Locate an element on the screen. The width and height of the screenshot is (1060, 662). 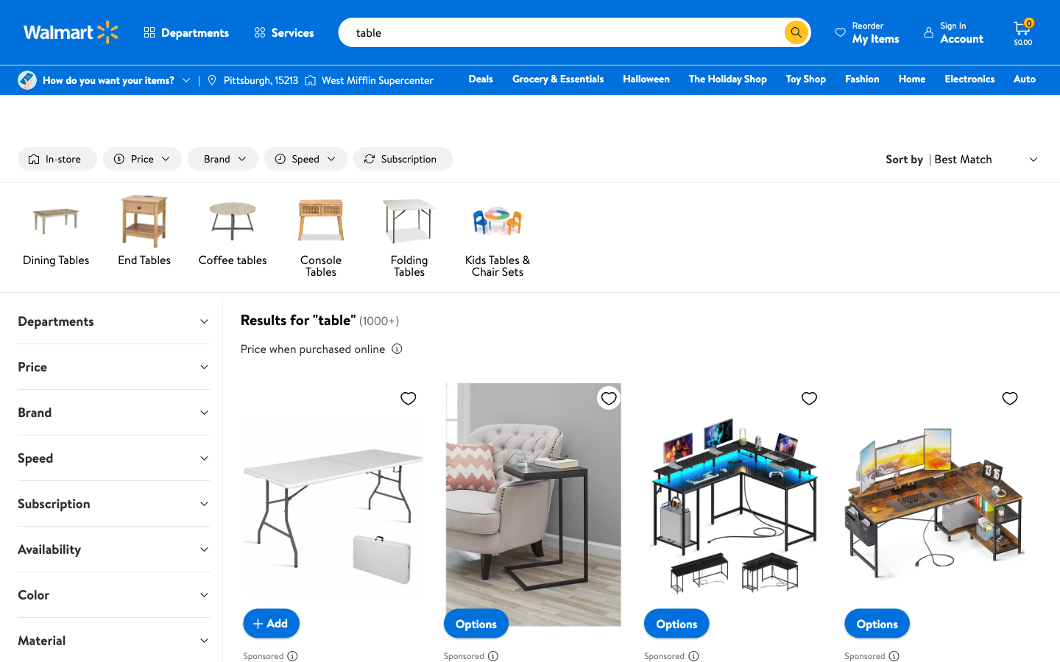
the "expand_Brand" menu and pick the top option is located at coordinates (113, 411).